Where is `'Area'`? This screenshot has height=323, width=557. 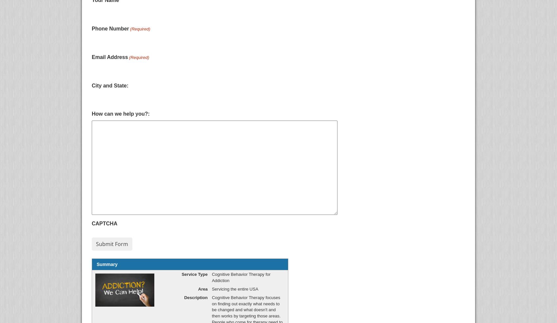 'Area' is located at coordinates (198, 288).